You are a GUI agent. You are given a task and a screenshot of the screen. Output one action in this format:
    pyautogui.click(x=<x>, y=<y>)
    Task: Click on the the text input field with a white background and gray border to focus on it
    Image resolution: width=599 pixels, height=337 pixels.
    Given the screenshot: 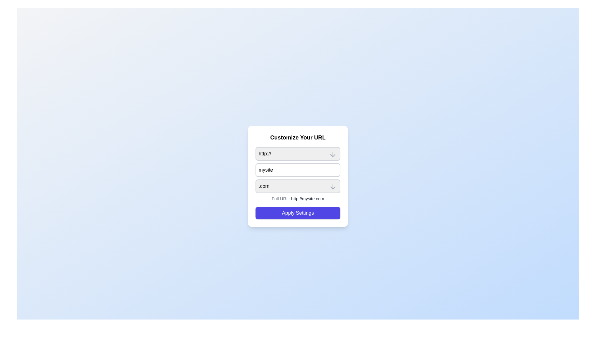 What is the action you would take?
    pyautogui.click(x=298, y=176)
    